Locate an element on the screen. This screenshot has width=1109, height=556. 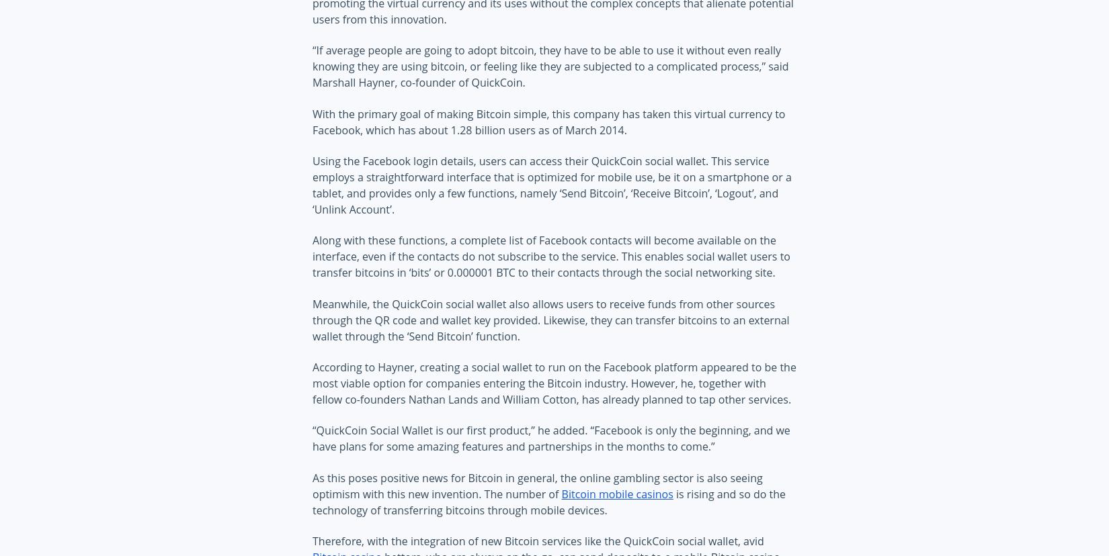
'With the primary goal of making Bitcoin simple, this company has taken this virtual currency to Facebook, which has about 1.28 billion users as of March 2014.' is located at coordinates (548, 121).